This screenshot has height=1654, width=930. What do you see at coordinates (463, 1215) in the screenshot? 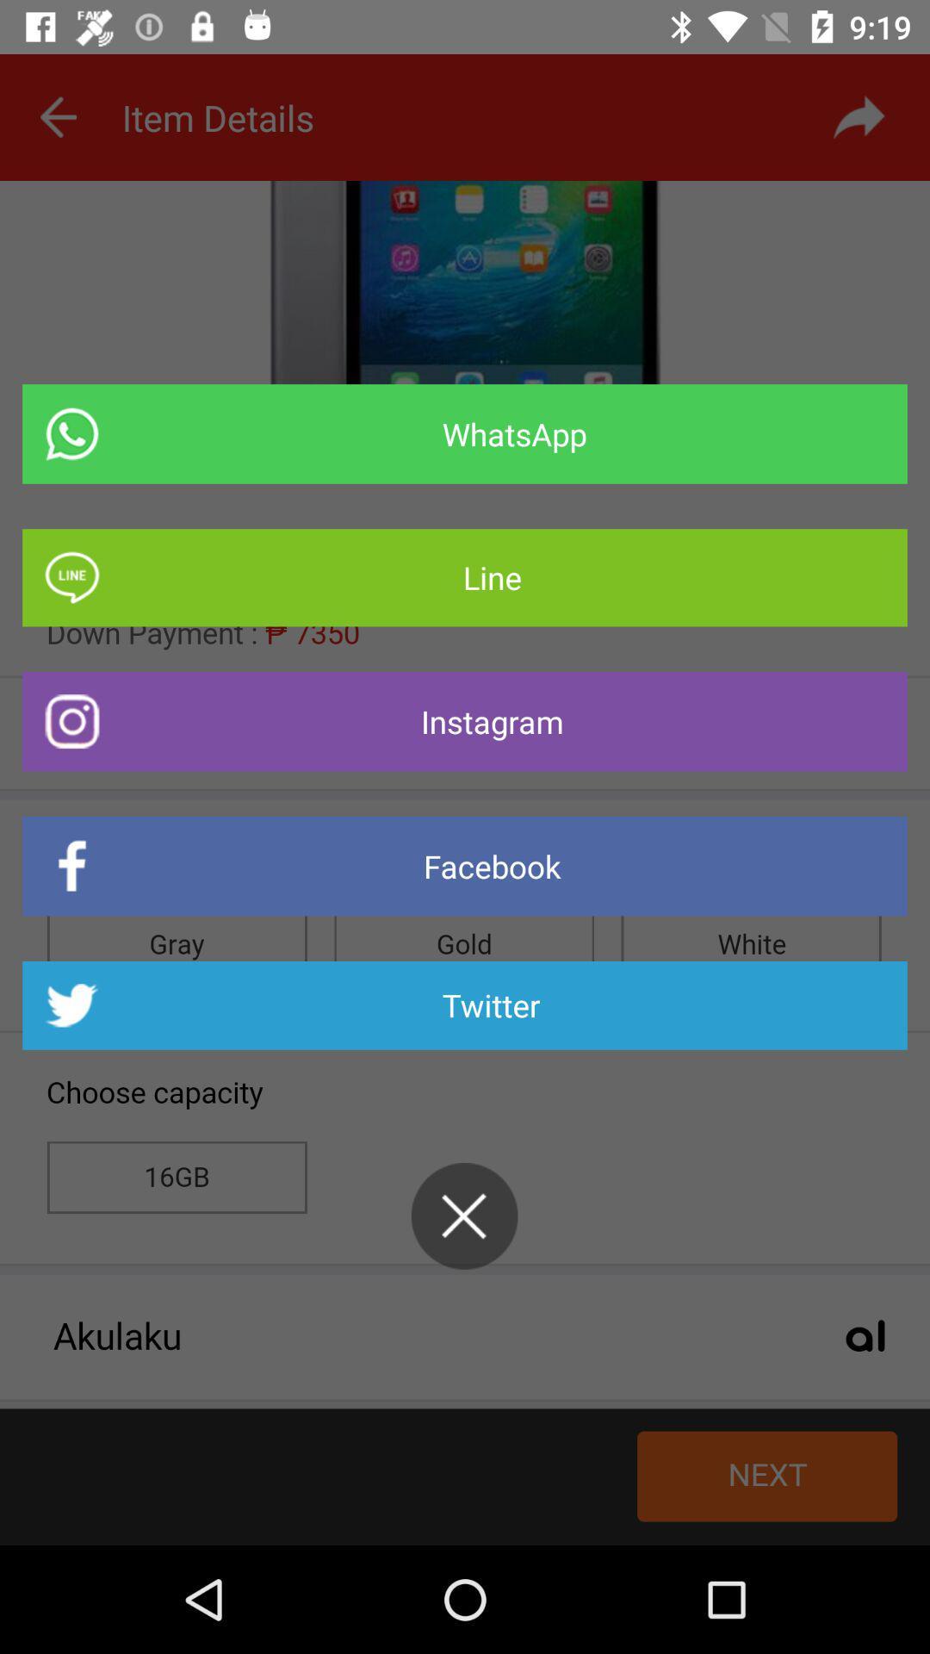
I see `icon at the bottom` at bounding box center [463, 1215].